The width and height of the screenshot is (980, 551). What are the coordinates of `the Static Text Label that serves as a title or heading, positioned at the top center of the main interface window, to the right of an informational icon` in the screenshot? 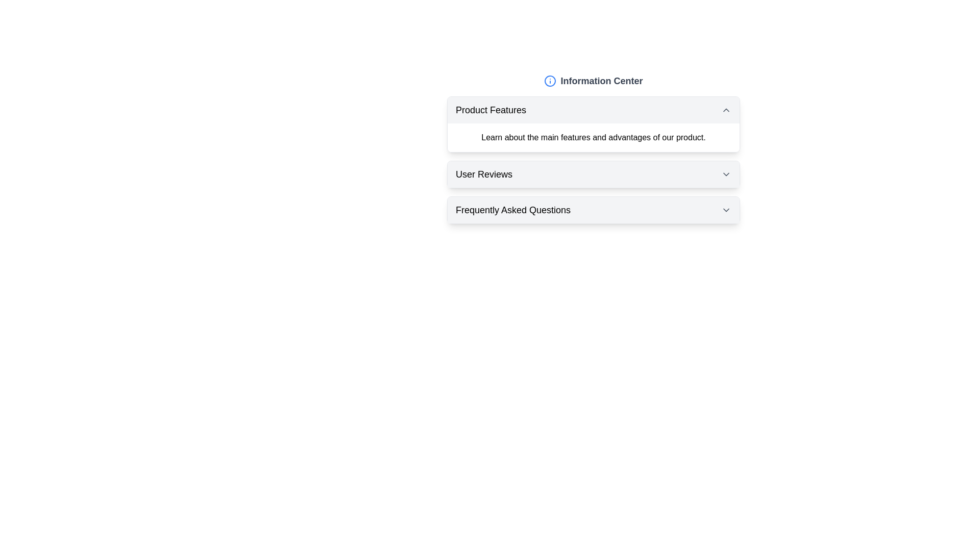 It's located at (602, 80).